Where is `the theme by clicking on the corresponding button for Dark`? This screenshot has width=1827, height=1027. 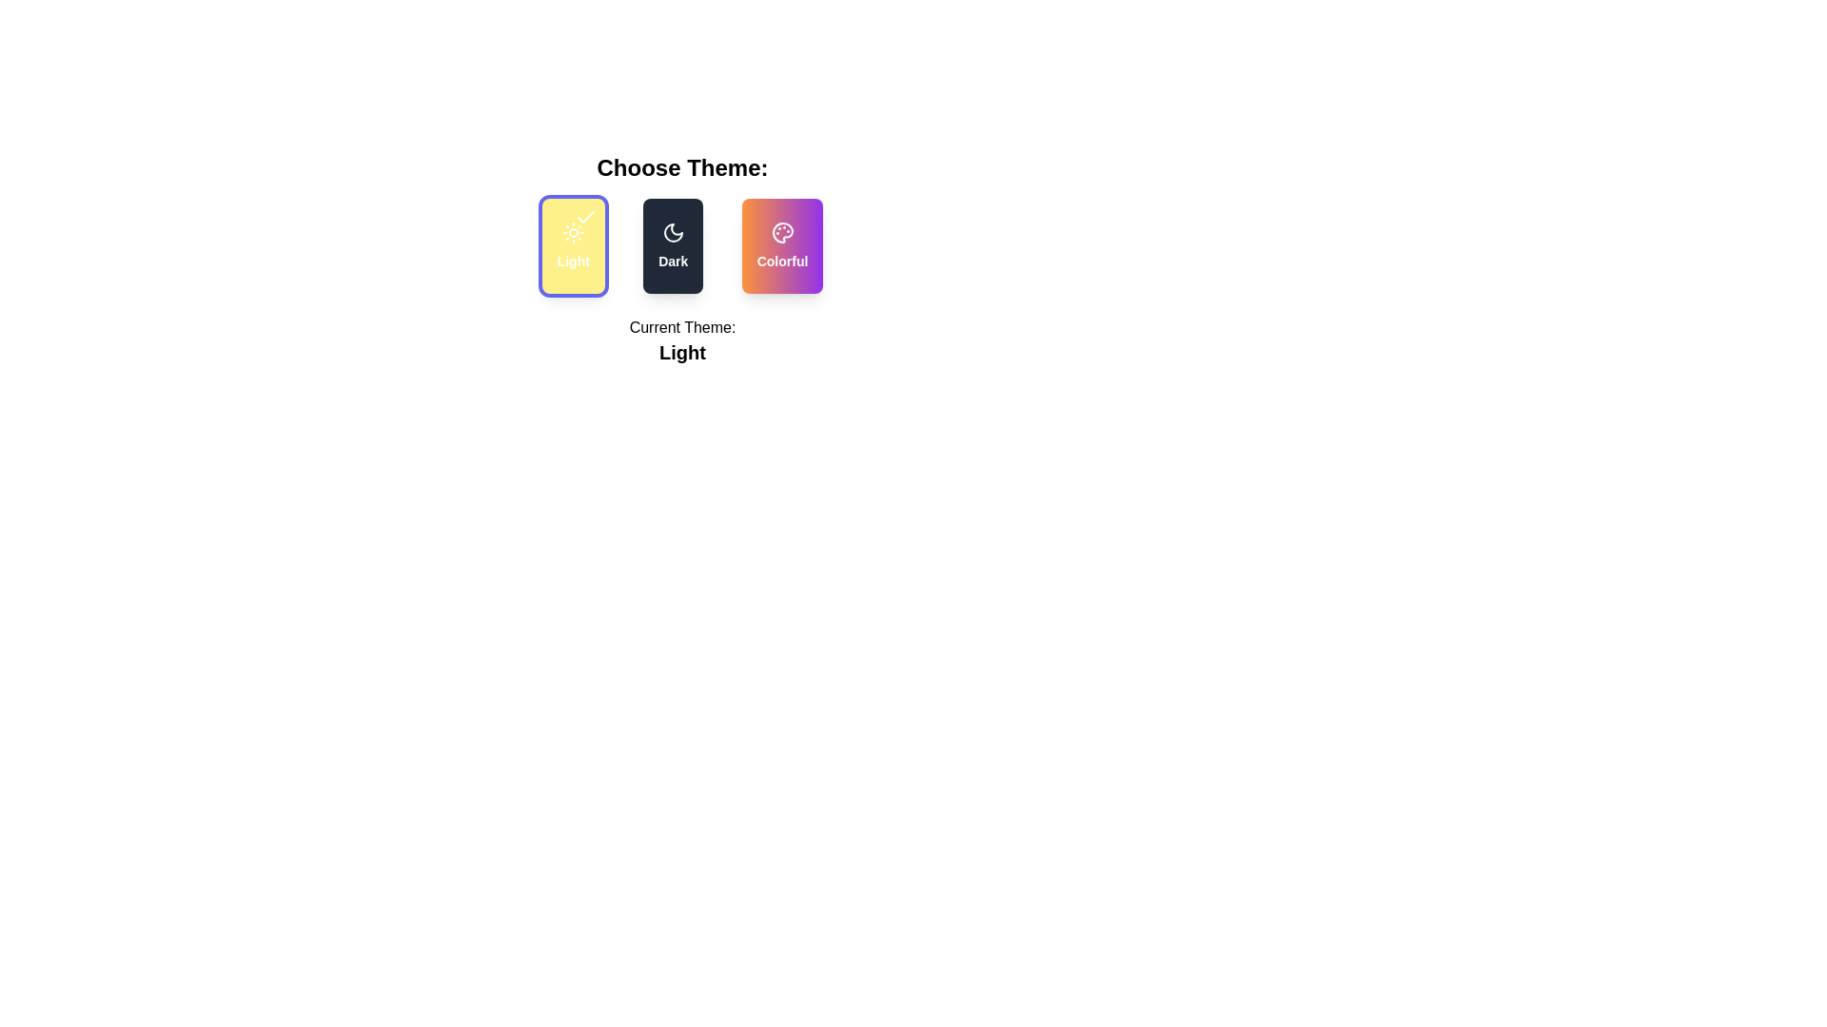 the theme by clicking on the corresponding button for Dark is located at coordinates (673, 244).